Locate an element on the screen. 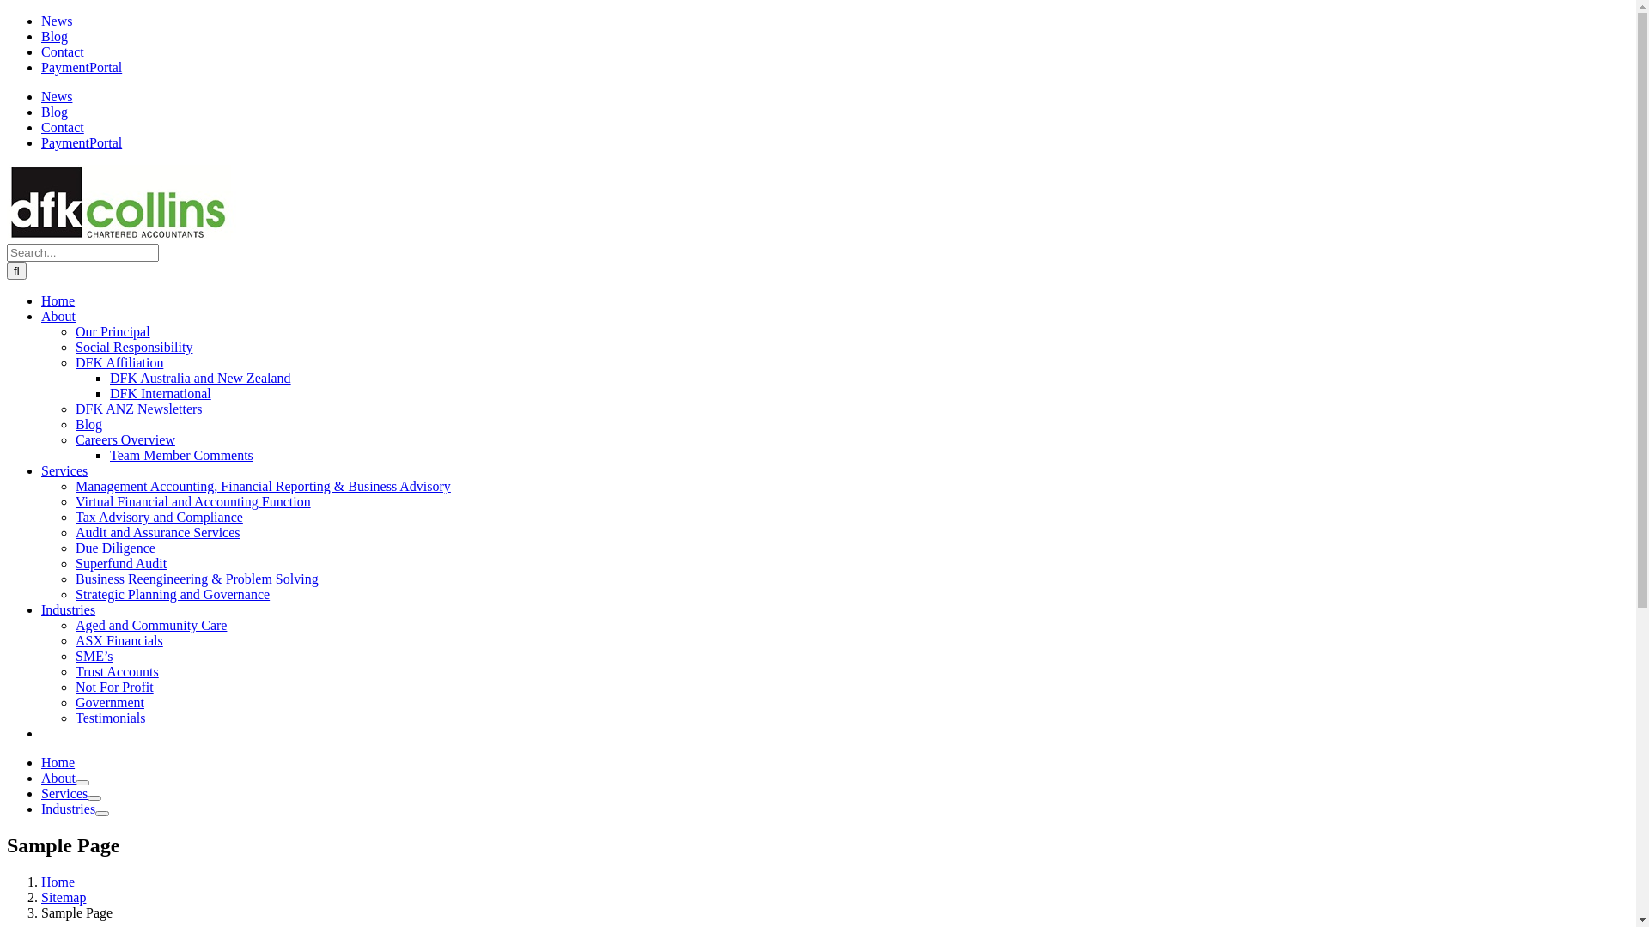 The image size is (1649, 927). 'Business Reengineering & Problem Solving' is located at coordinates (74, 579).